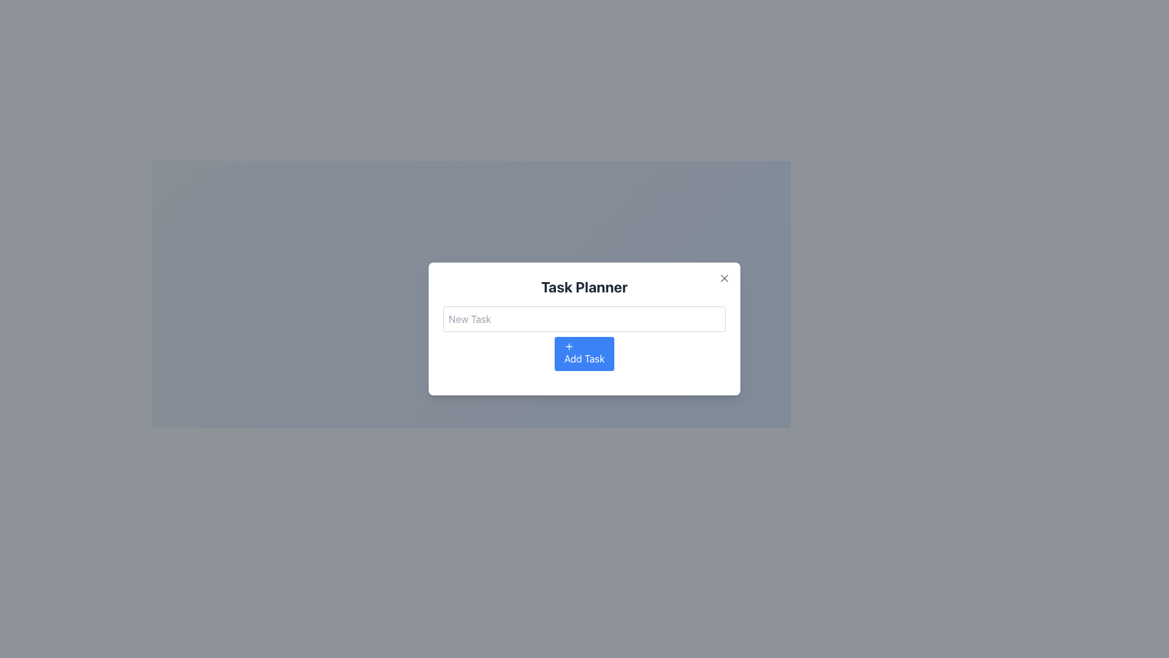 The image size is (1169, 658). I want to click on the small plus icon inside the blue button labeled 'Add Task', so click(568, 347).